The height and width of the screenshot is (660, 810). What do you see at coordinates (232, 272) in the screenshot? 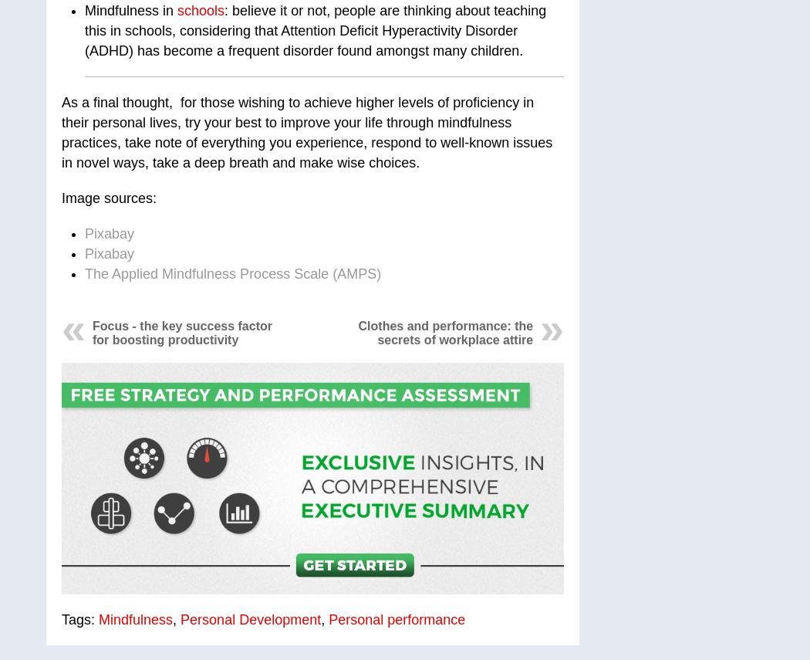
I see `'The Applied Mindfulness Process Scale (AMPS)'` at bounding box center [232, 272].